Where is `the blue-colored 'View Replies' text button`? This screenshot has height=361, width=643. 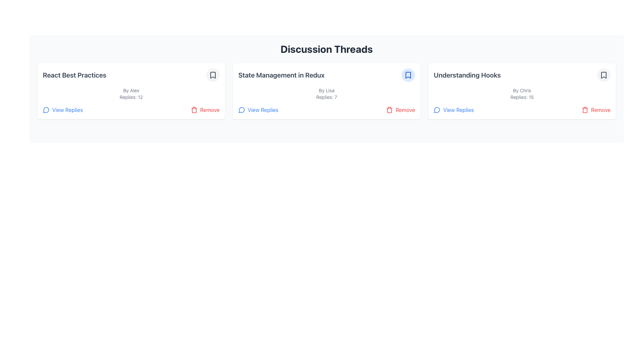 the blue-colored 'View Replies' text button is located at coordinates (67, 109).